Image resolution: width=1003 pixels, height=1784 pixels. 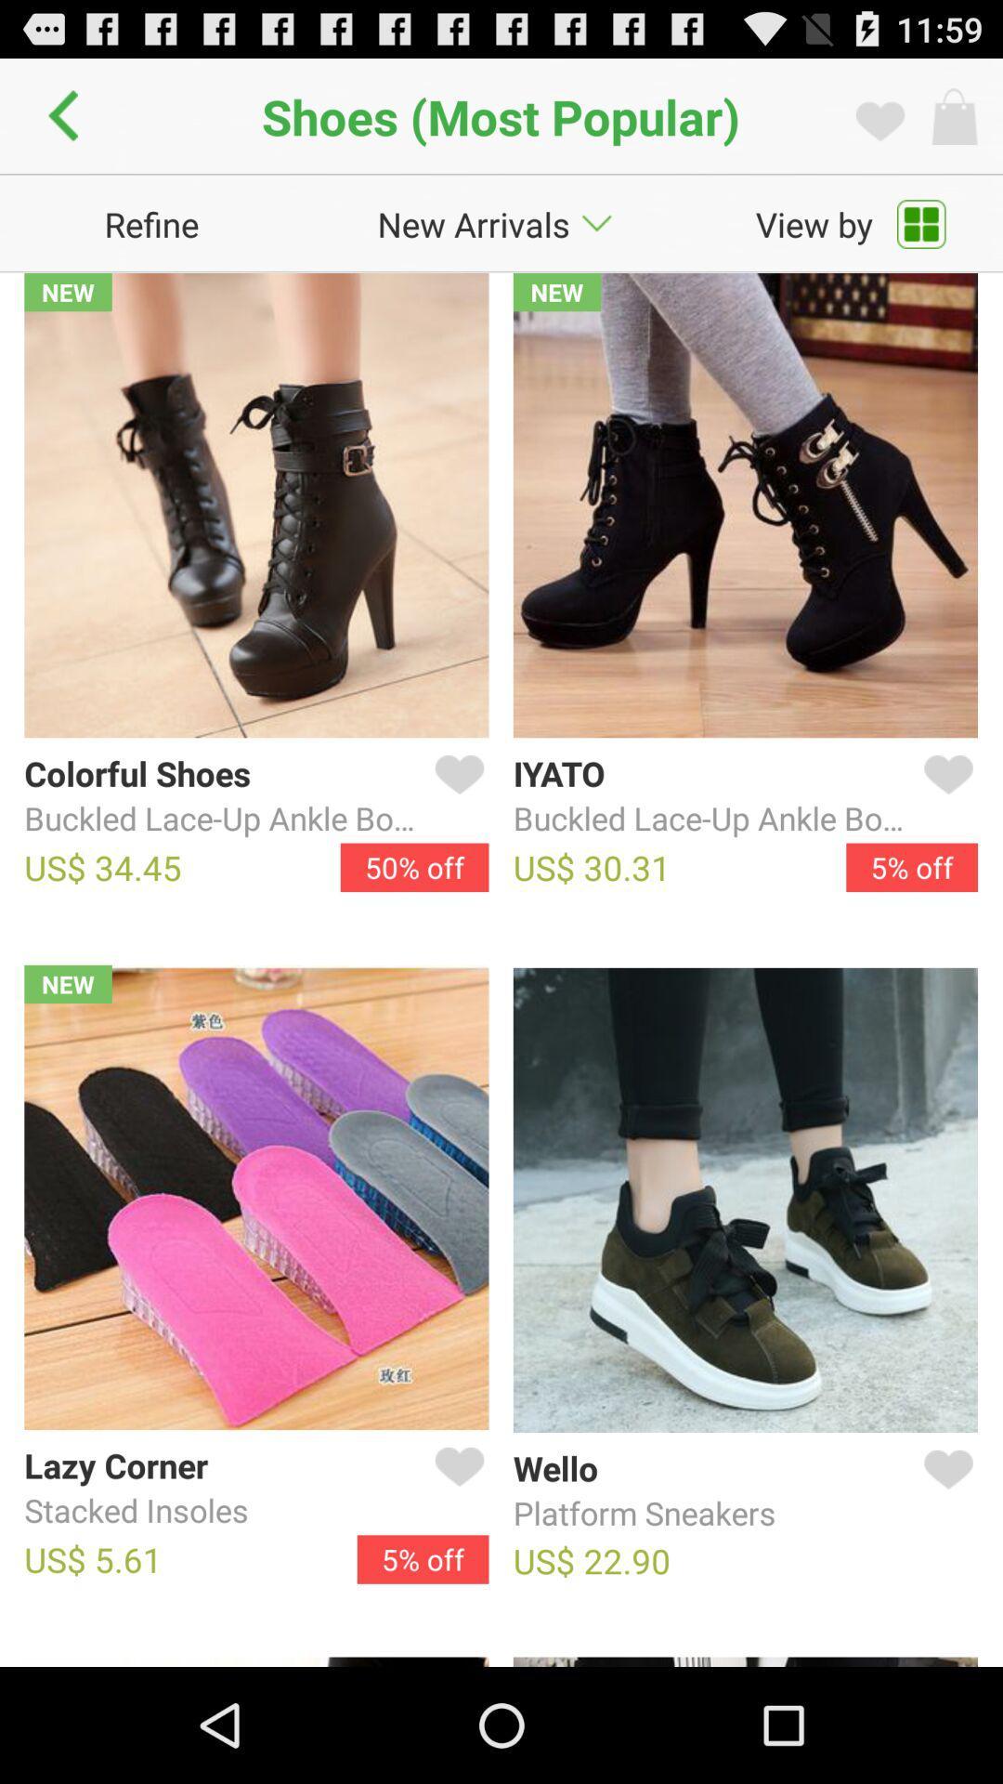 I want to click on previous, so click(x=68, y=115).